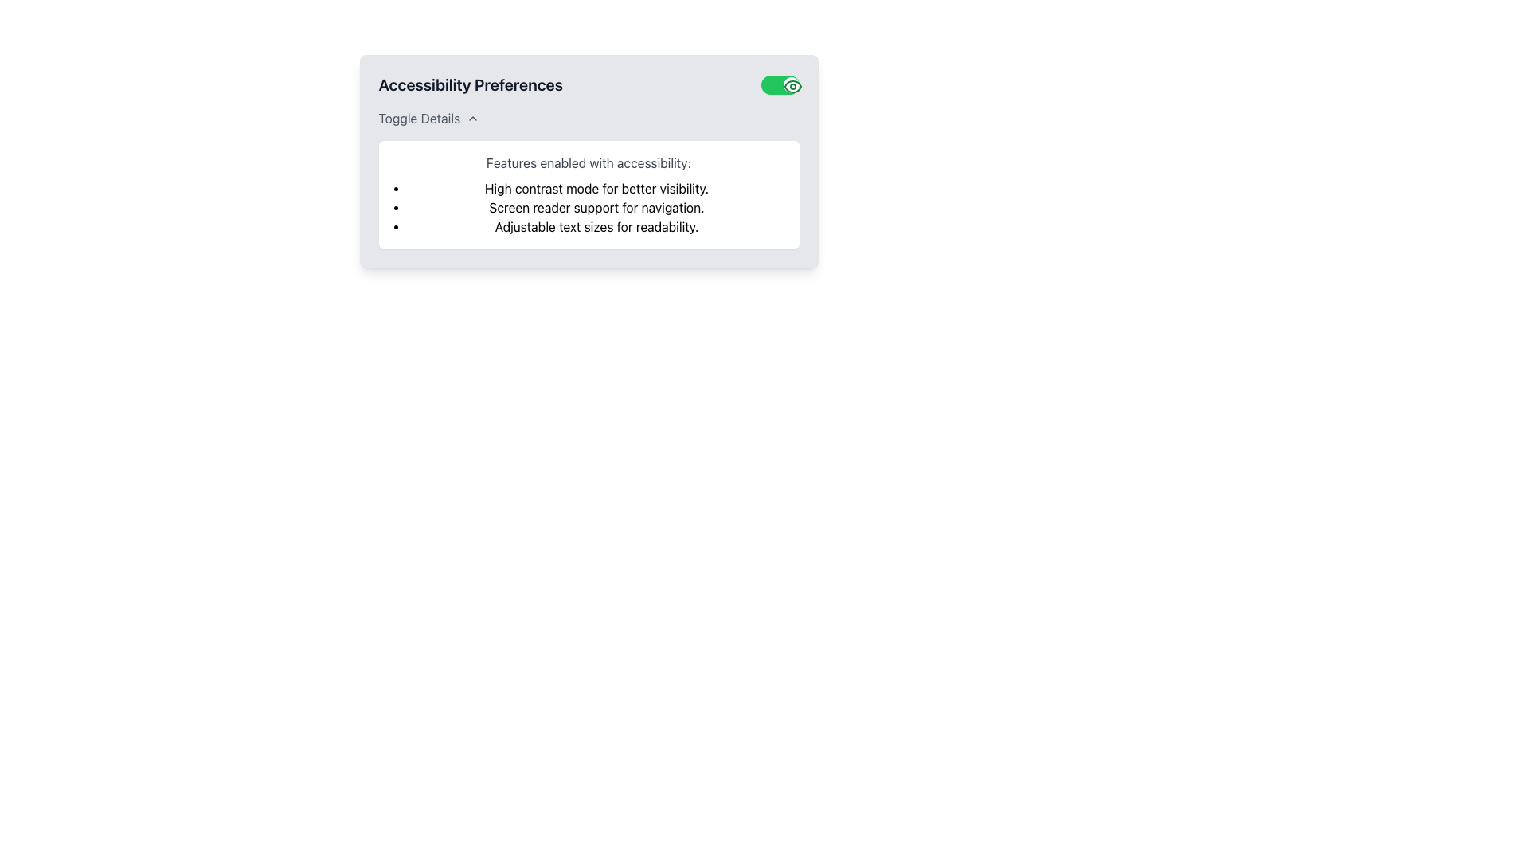 This screenshot has height=860, width=1529. Describe the element at coordinates (596, 207) in the screenshot. I see `the list of accessibility features, which is styled with bullet points and positioned below the heading 'Features enabled with accessibility:'` at that location.